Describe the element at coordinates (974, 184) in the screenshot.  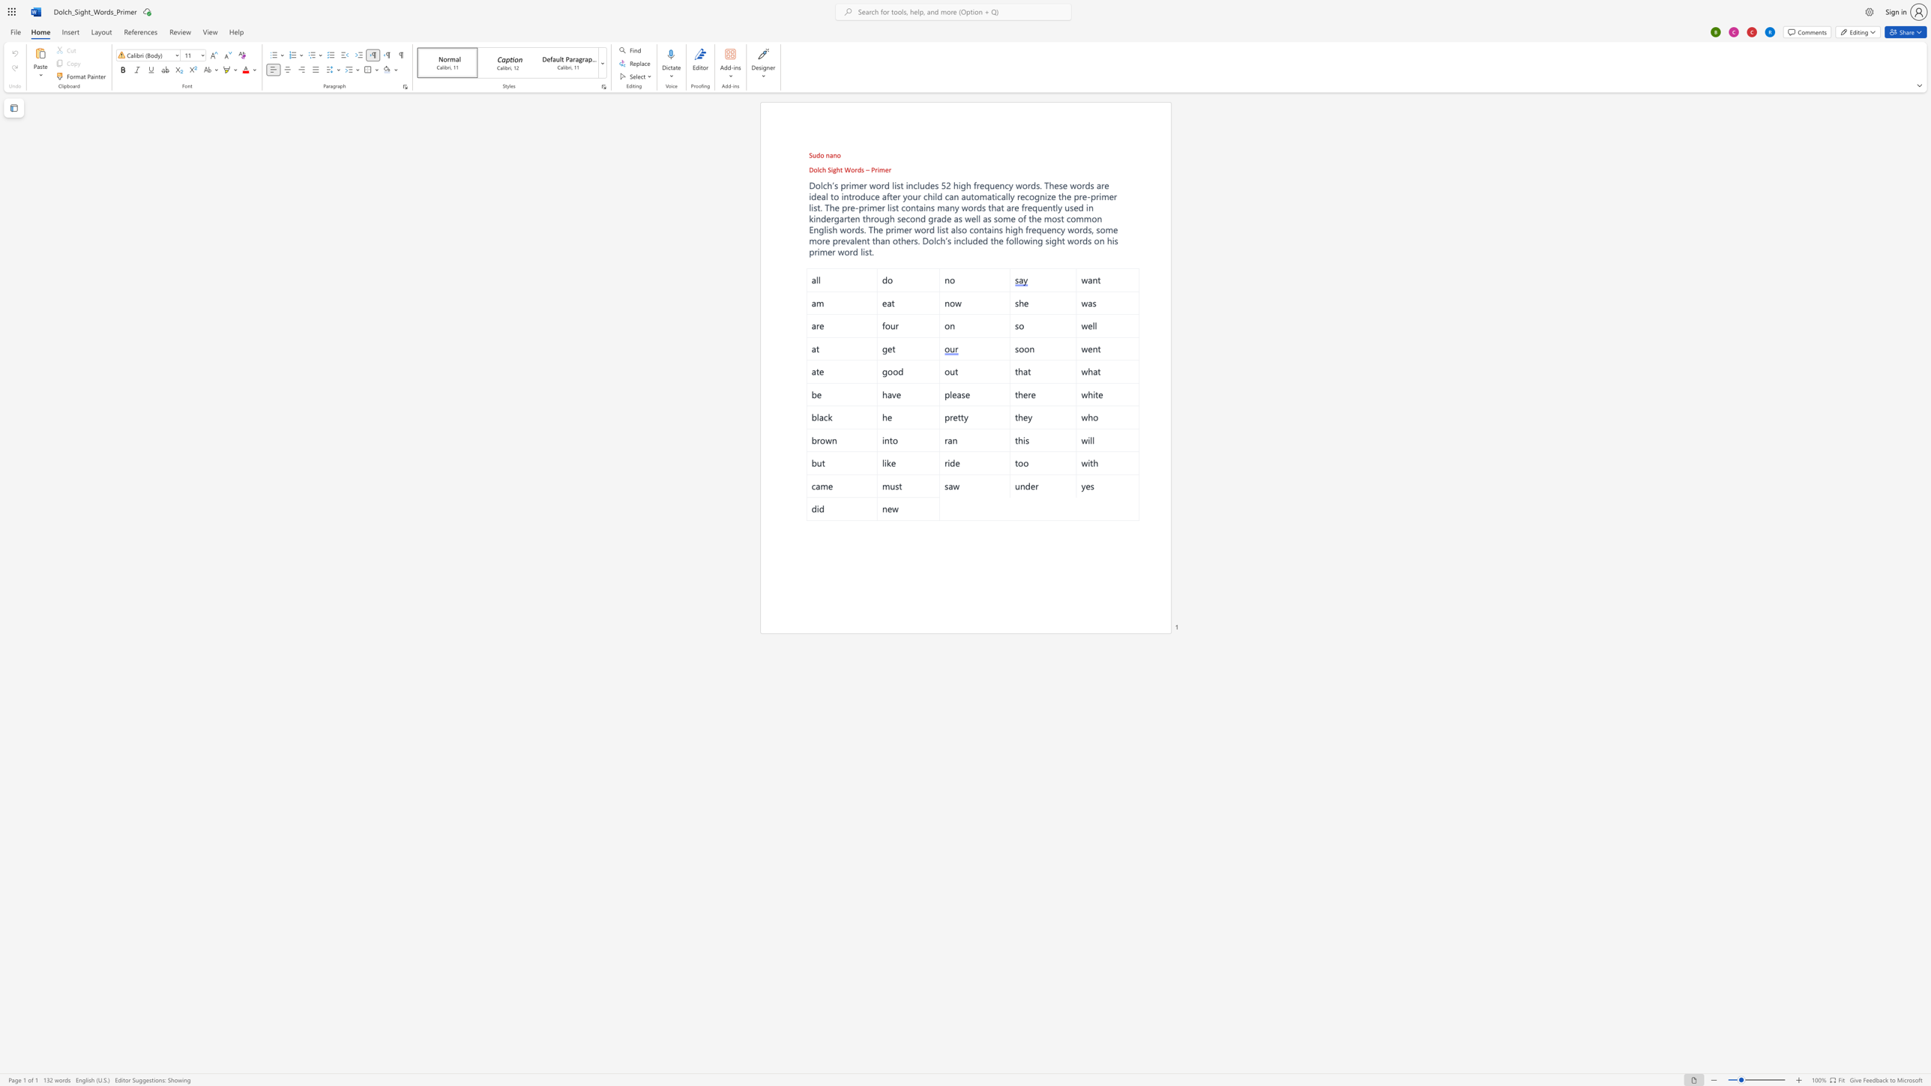
I see `the subset text "frequency words. These words are ideal to introduce after your child can automatically recogn" within the text "Dolch’s primer word list includes 52 high frequency words. These words are ideal to introduce after your child can automatically recognize the pre-primer list. The pre-primer list"` at that location.